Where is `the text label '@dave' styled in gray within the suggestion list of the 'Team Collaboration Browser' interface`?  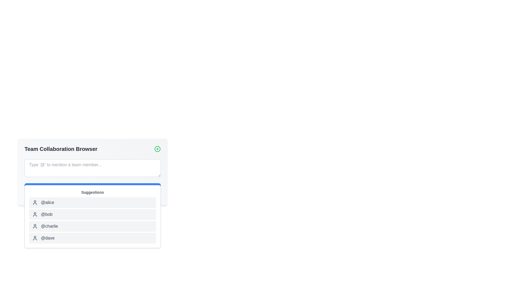
the text label '@dave' styled in gray within the suggestion list of the 'Team Collaboration Browser' interface is located at coordinates (48, 238).